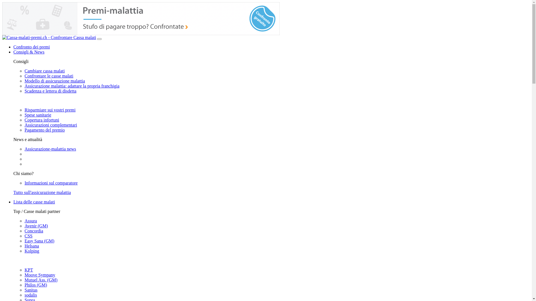  I want to click on 'CSS', so click(28, 236).